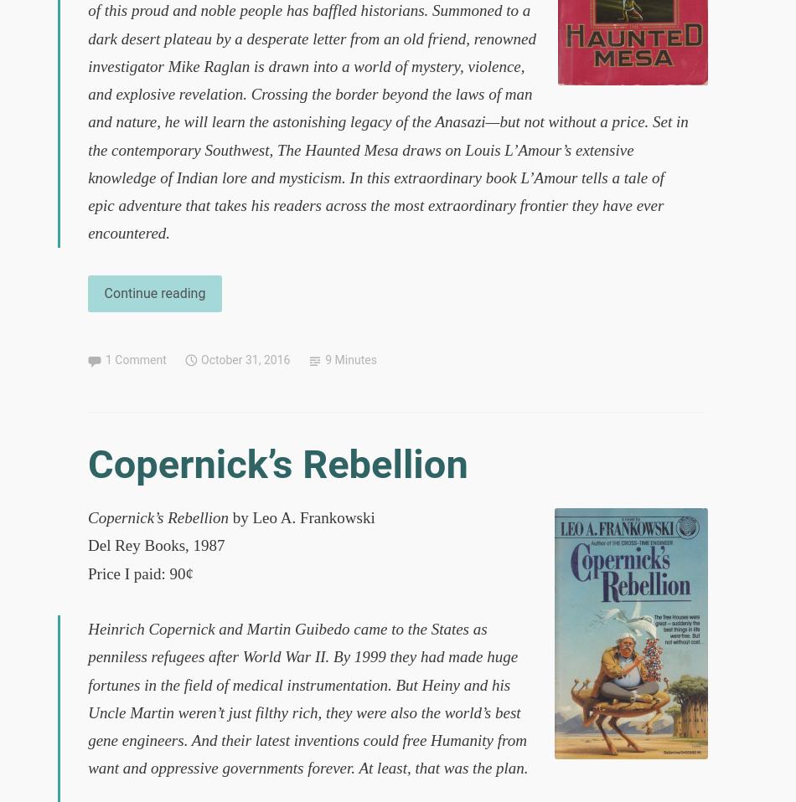 The height and width of the screenshot is (802, 796). I want to click on 'The Haunted Mesa', so click(336, 148).